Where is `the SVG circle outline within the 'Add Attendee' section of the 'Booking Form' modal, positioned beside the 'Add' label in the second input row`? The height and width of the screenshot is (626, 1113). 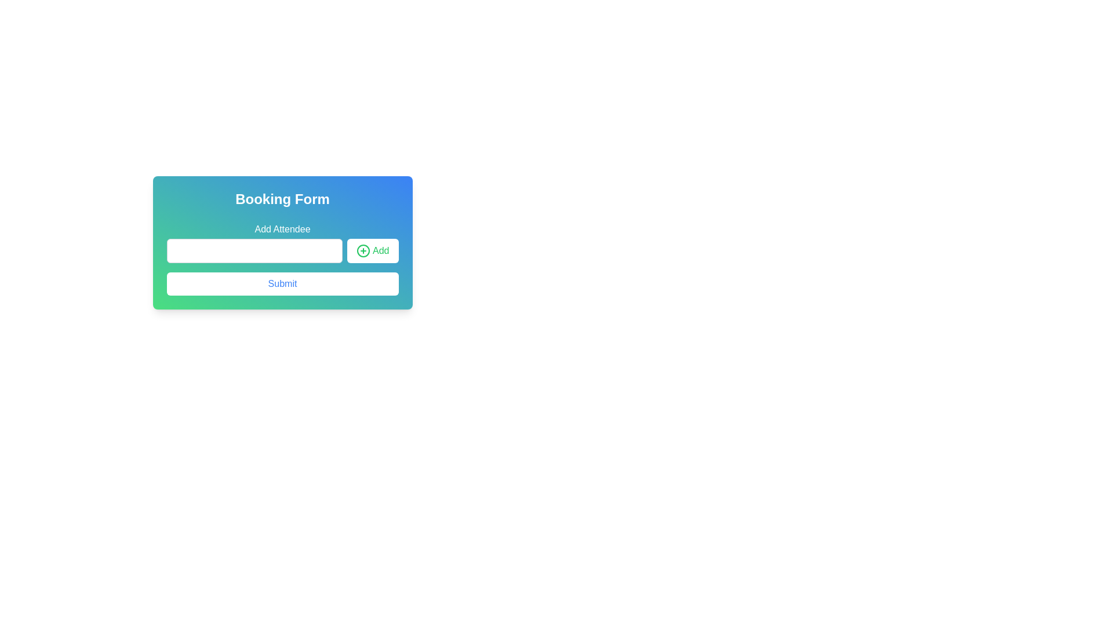 the SVG circle outline within the 'Add Attendee' section of the 'Booking Form' modal, positioned beside the 'Add' label in the second input row is located at coordinates (363, 250).